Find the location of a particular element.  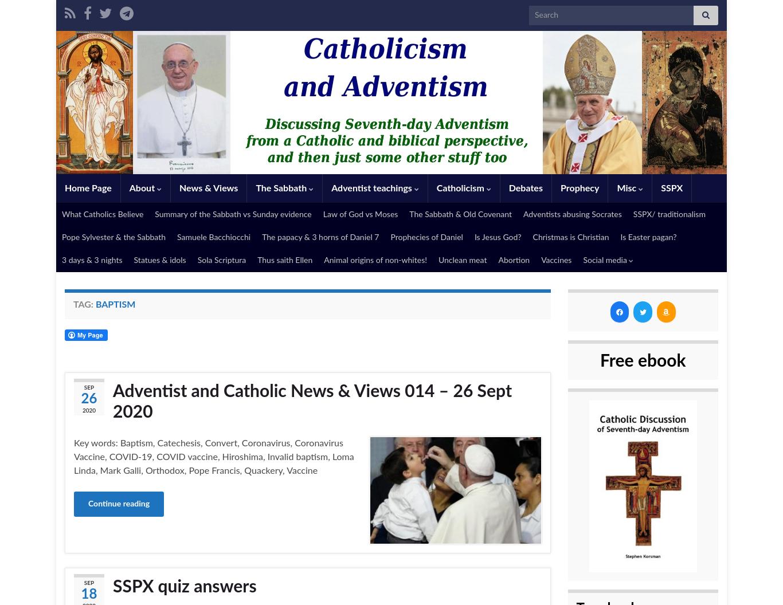

'The papacy & 3 horns of Daniel 7' is located at coordinates (262, 238).